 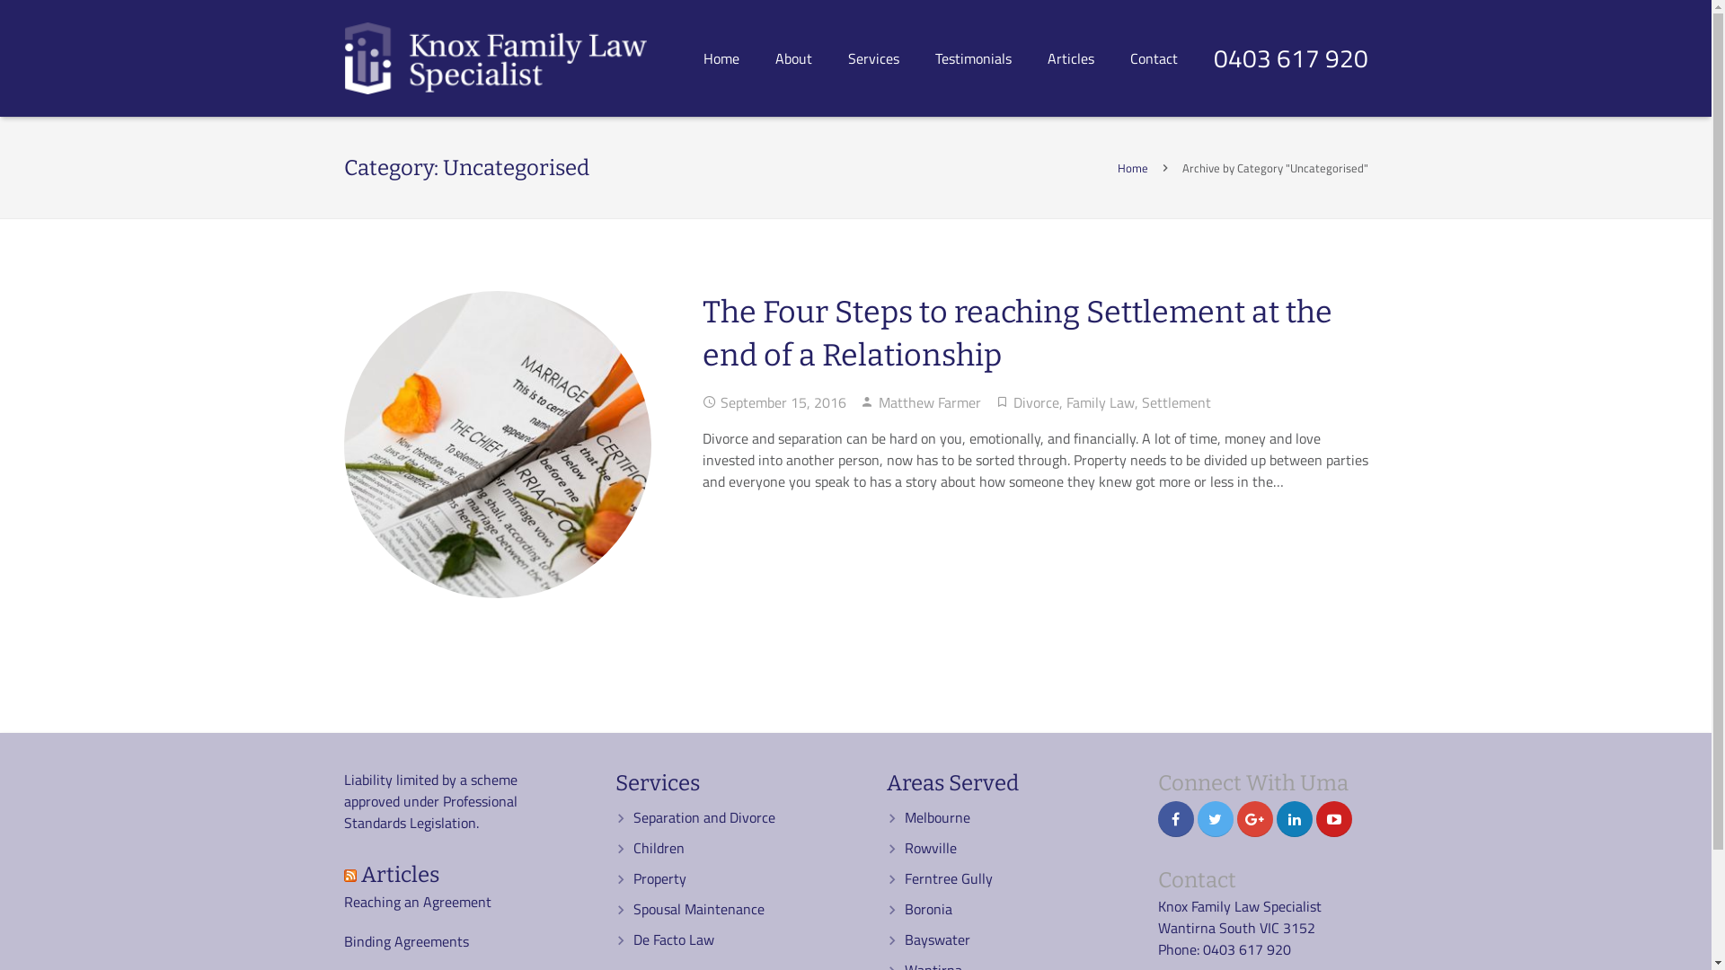 What do you see at coordinates (1154, 57) in the screenshot?
I see `'Contact'` at bounding box center [1154, 57].